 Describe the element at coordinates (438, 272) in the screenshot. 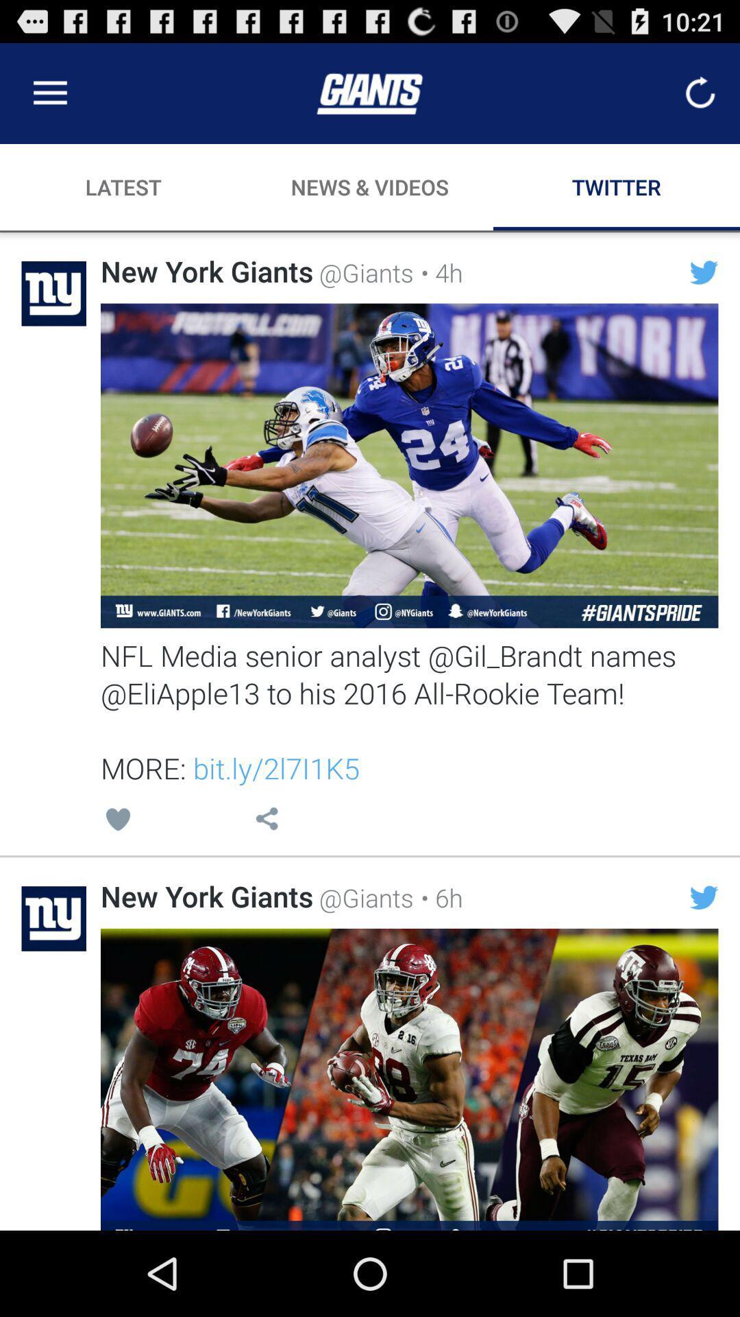

I see `the icon to the right of the @giants item` at that location.